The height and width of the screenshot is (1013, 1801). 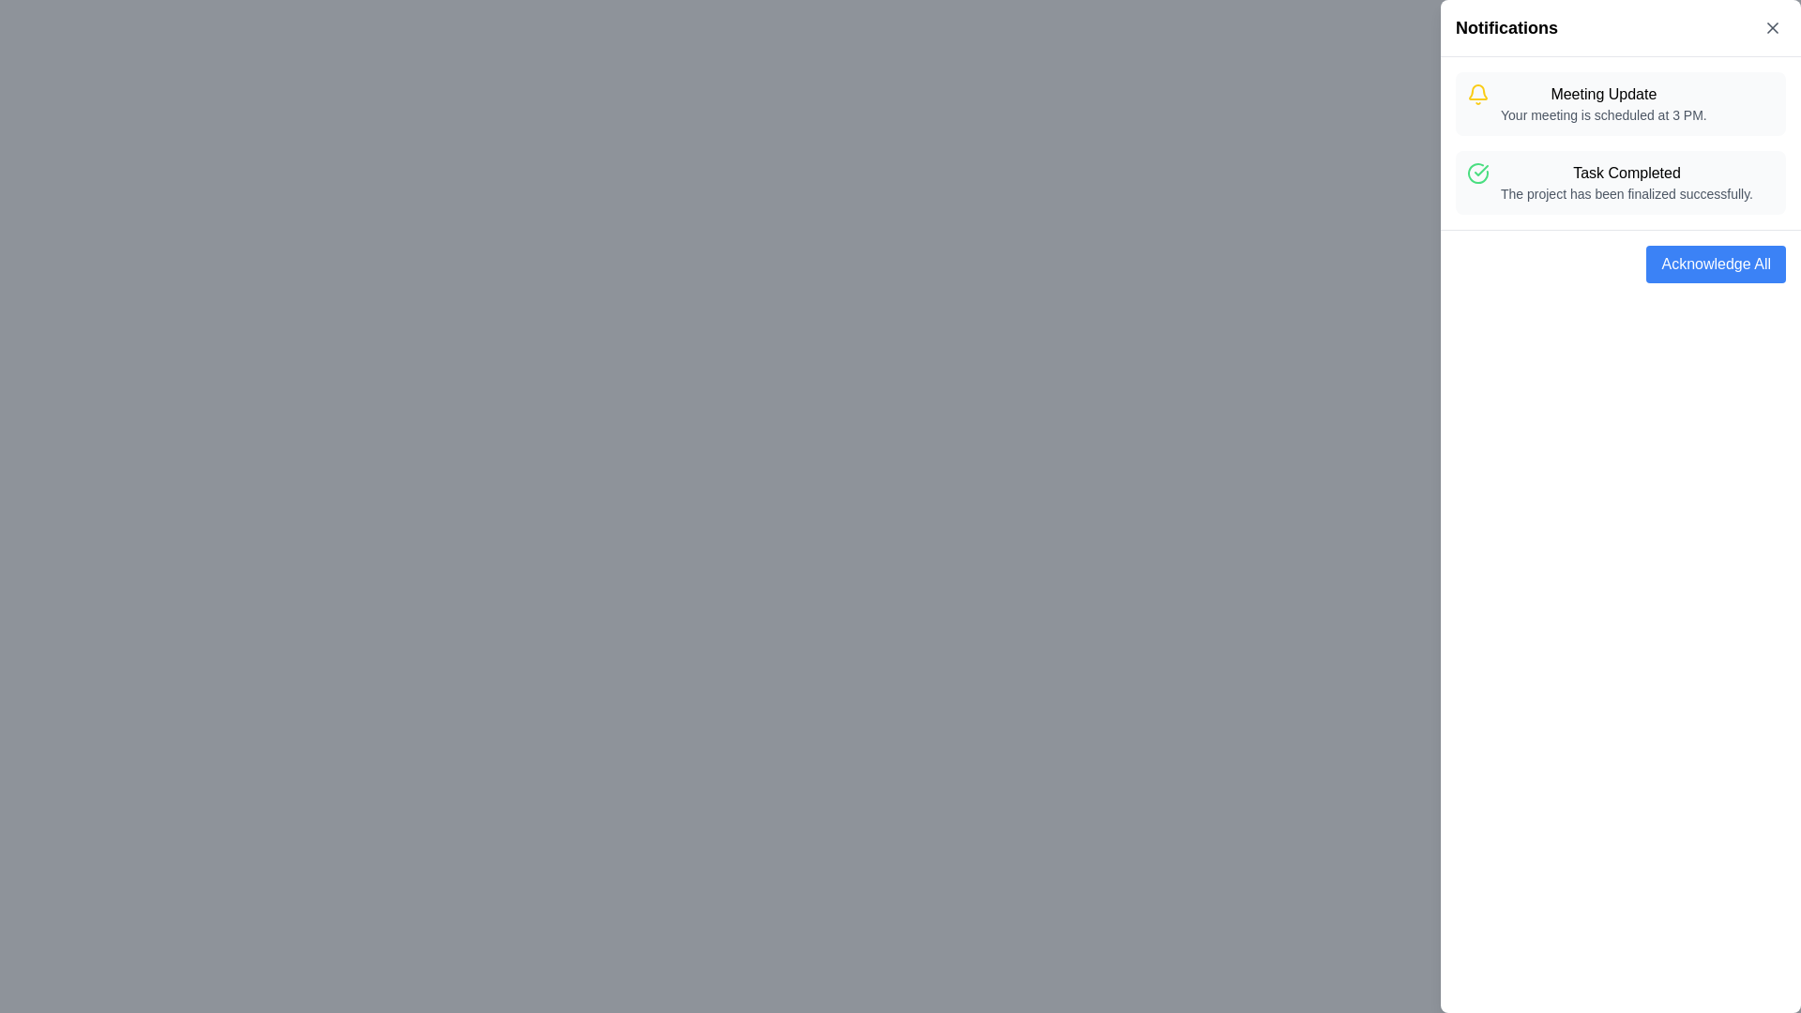 What do you see at coordinates (1480, 170) in the screenshot?
I see `the 'Task Completed' notification icon in the Notifications panel to indicate that the associated task has been successfully completed` at bounding box center [1480, 170].